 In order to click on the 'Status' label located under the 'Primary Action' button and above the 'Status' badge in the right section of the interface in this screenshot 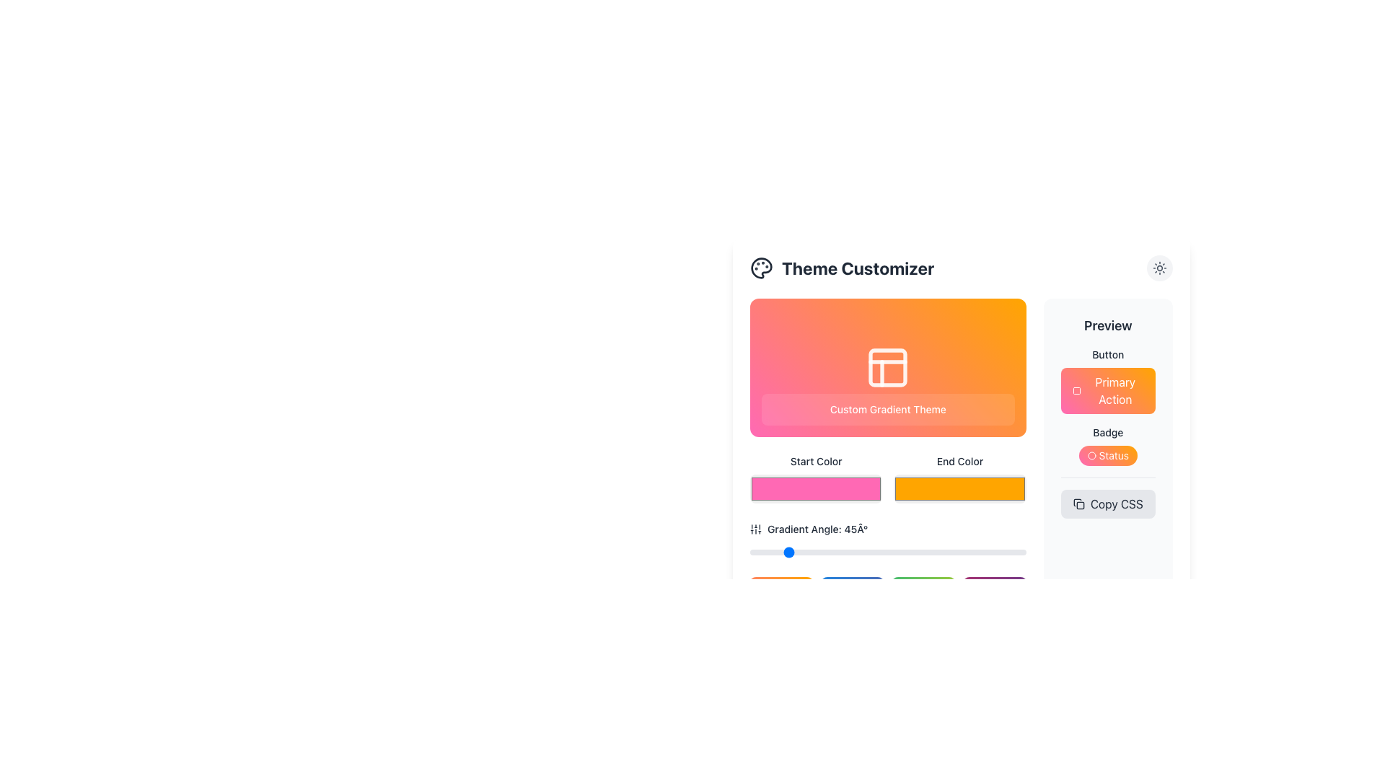, I will do `click(1107, 432)`.